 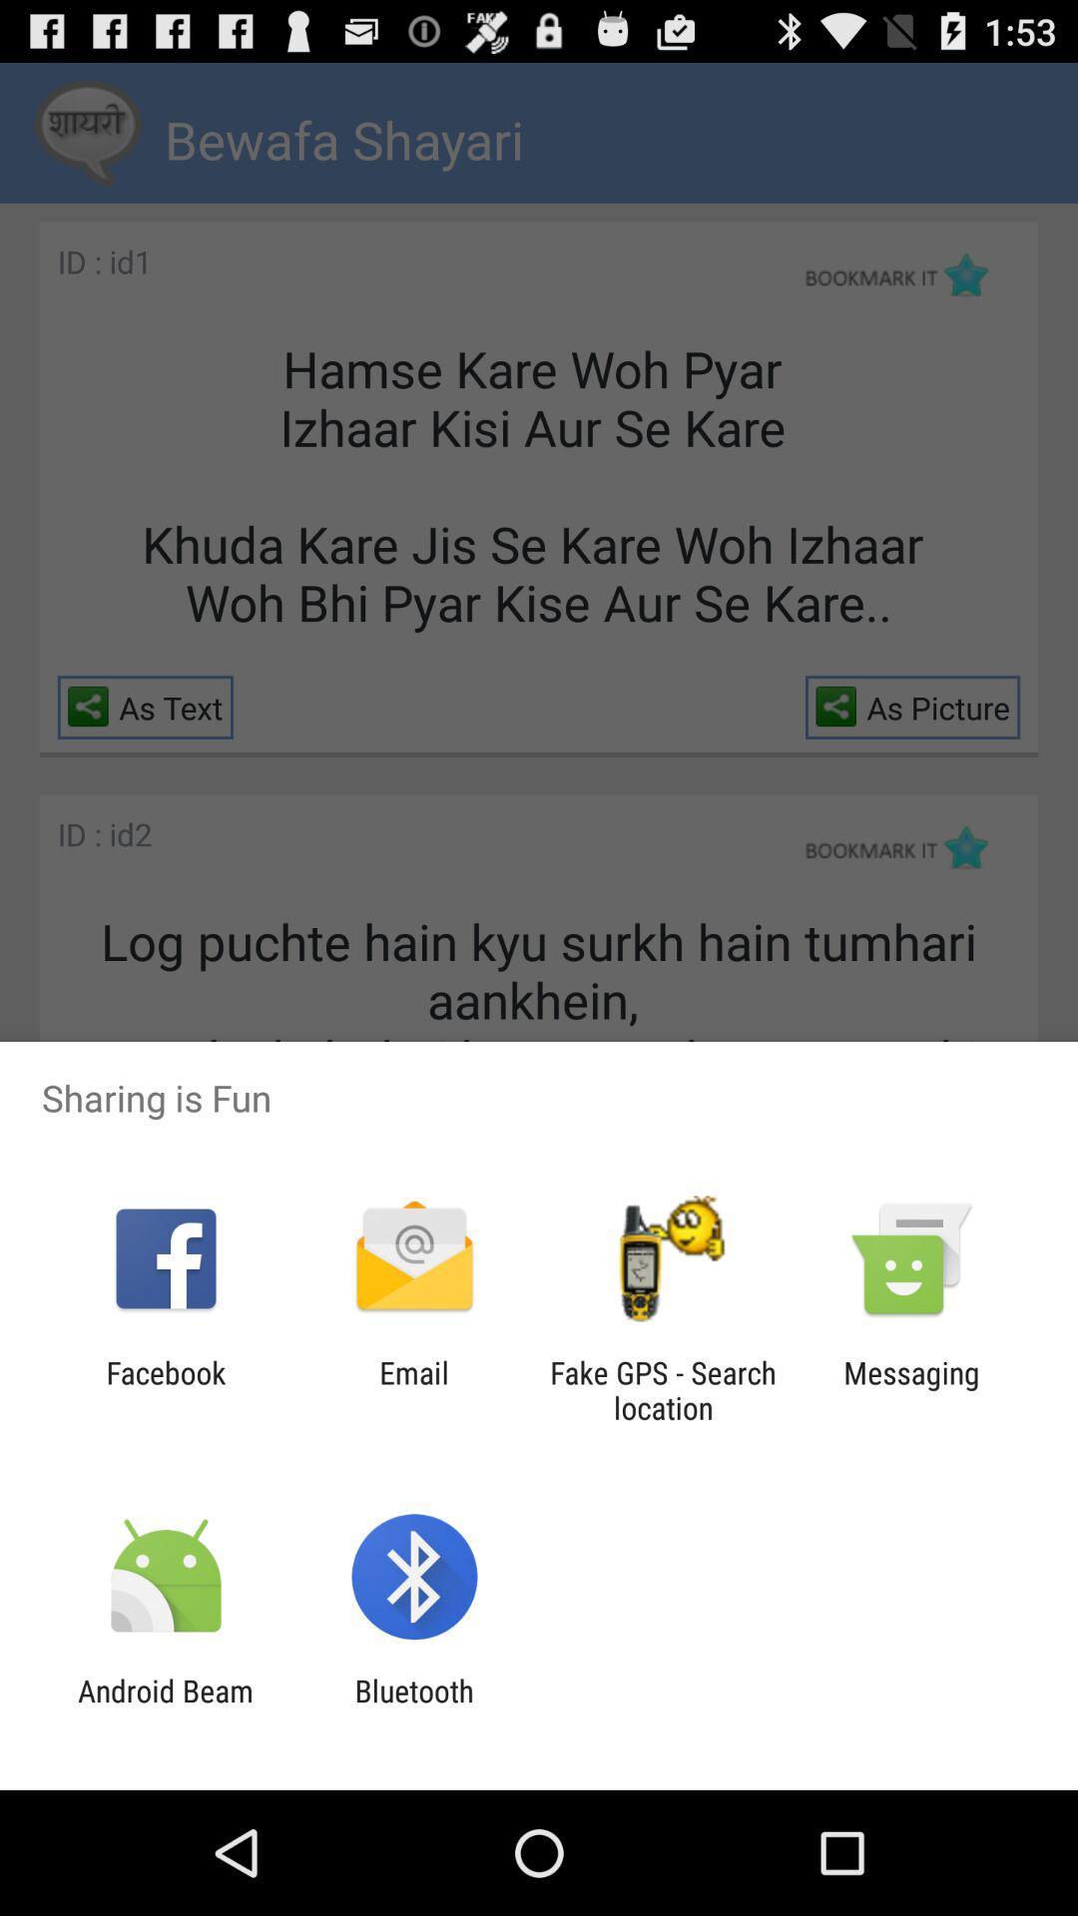 What do you see at coordinates (413, 1389) in the screenshot?
I see `the item next to facebook icon` at bounding box center [413, 1389].